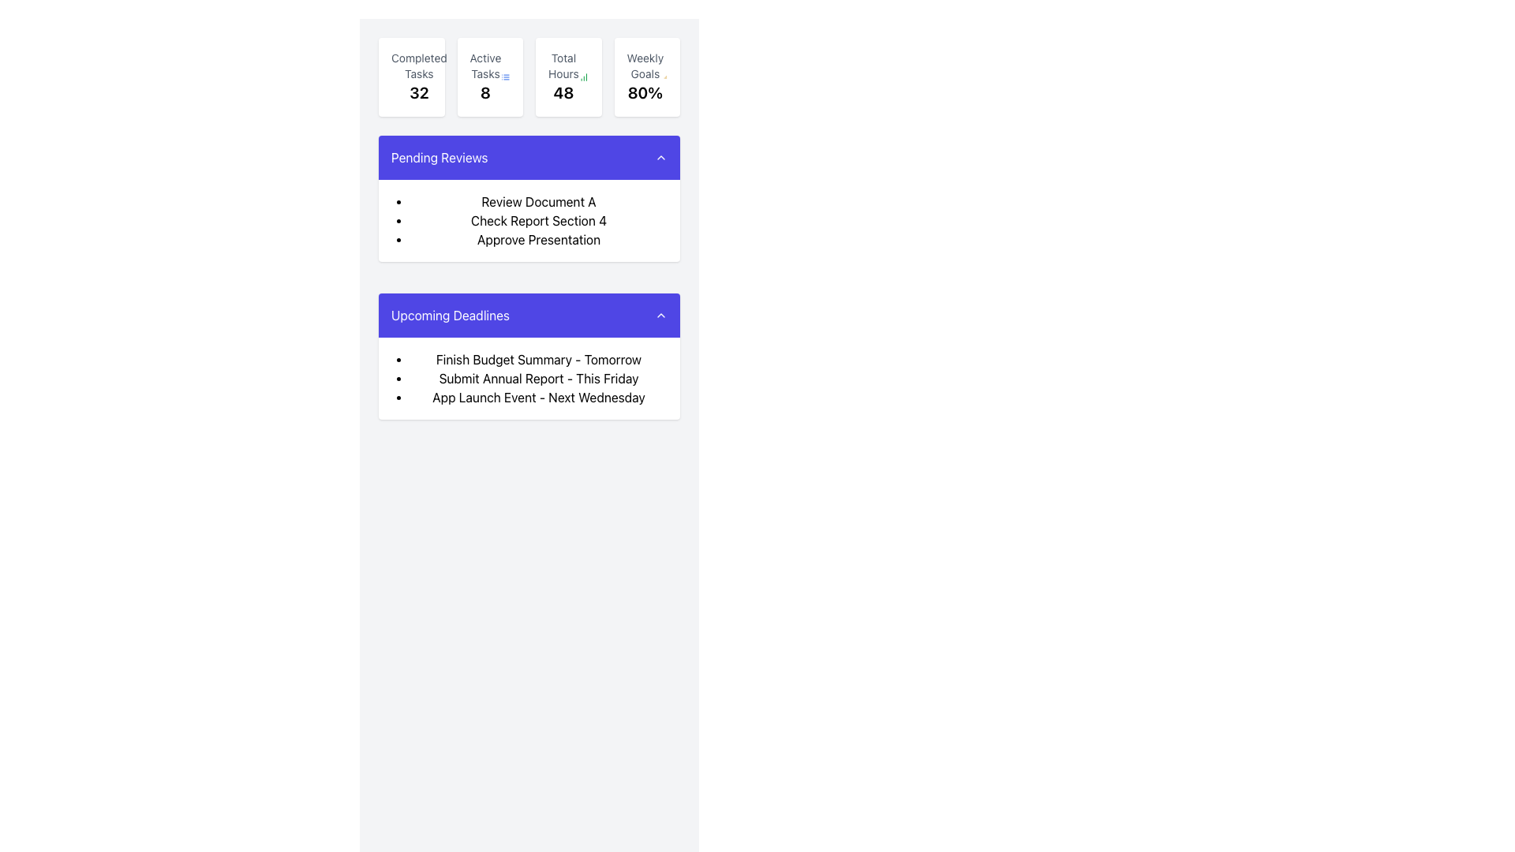 This screenshot has width=1515, height=852. I want to click on current weekly goal progress displayed in the fourth informational card, which shows the user's completion rate towards their weekly goals, so click(645, 77).